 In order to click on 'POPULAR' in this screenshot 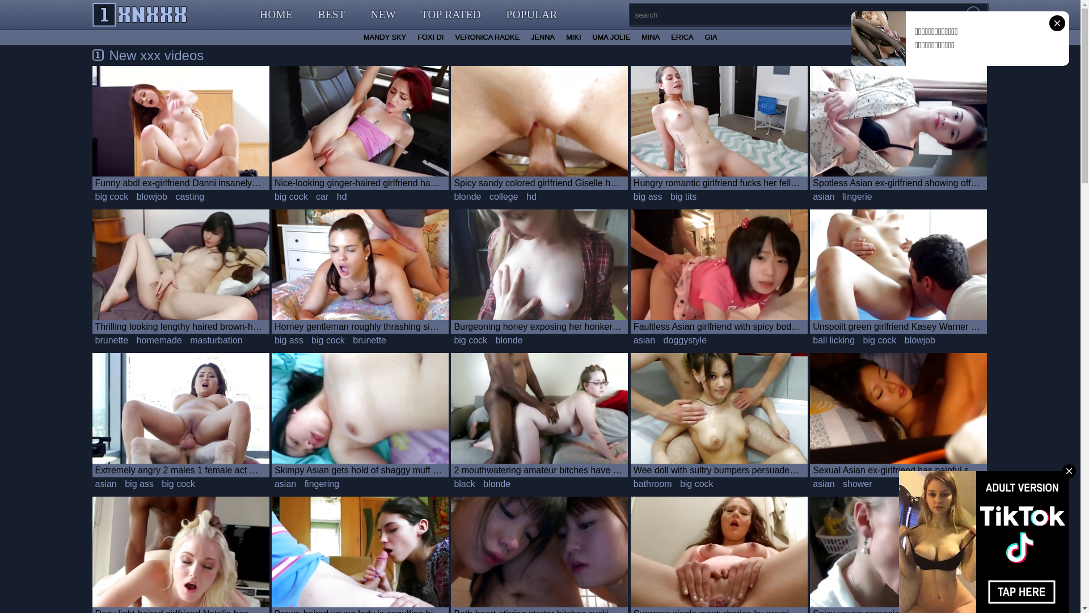, I will do `click(531, 15)`.